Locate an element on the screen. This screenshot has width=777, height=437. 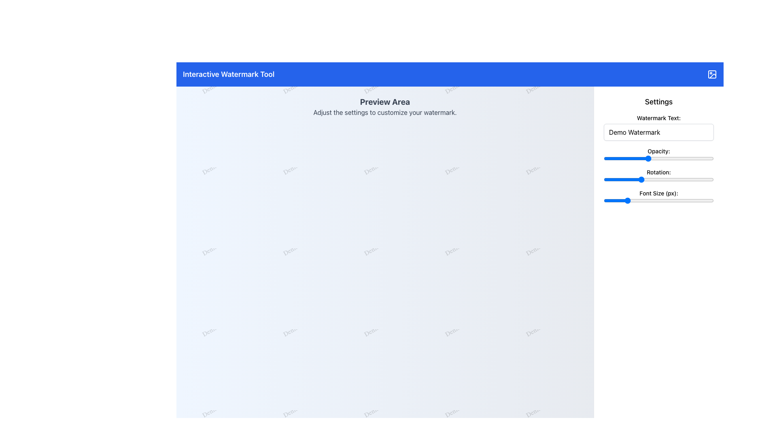
the rotation value of the slider is located at coordinates (680, 179).